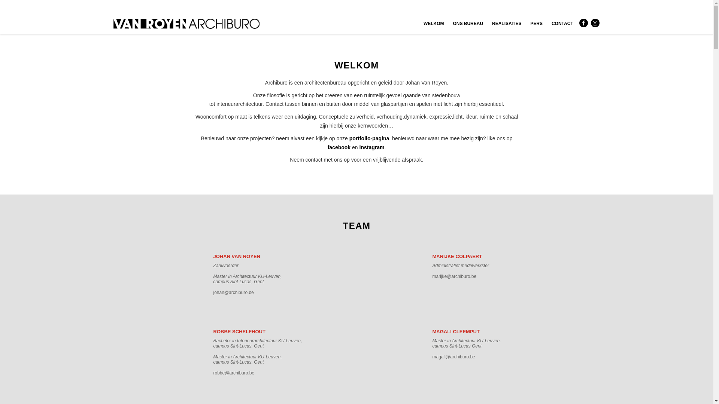  Describe the element at coordinates (550, 23) in the screenshot. I see `'CONTACT'` at that location.